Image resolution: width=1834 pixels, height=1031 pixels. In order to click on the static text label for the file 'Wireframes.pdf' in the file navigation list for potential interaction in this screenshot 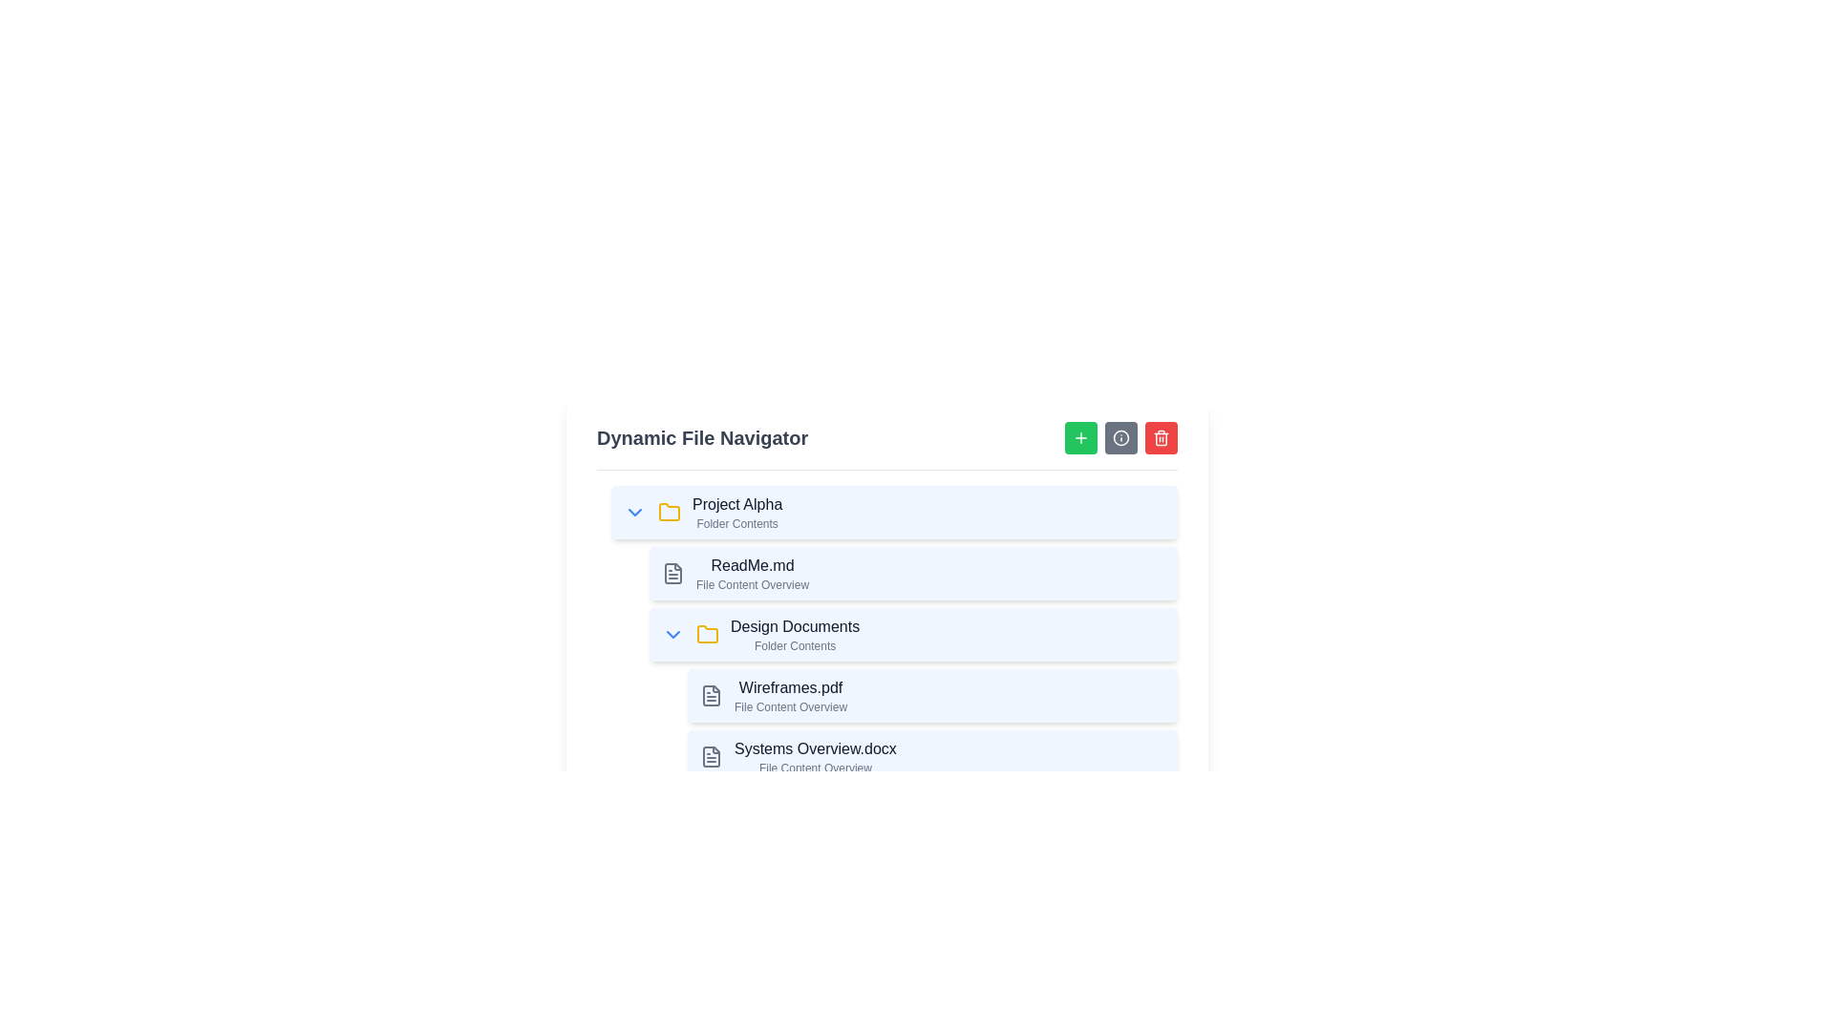, I will do `click(791, 688)`.